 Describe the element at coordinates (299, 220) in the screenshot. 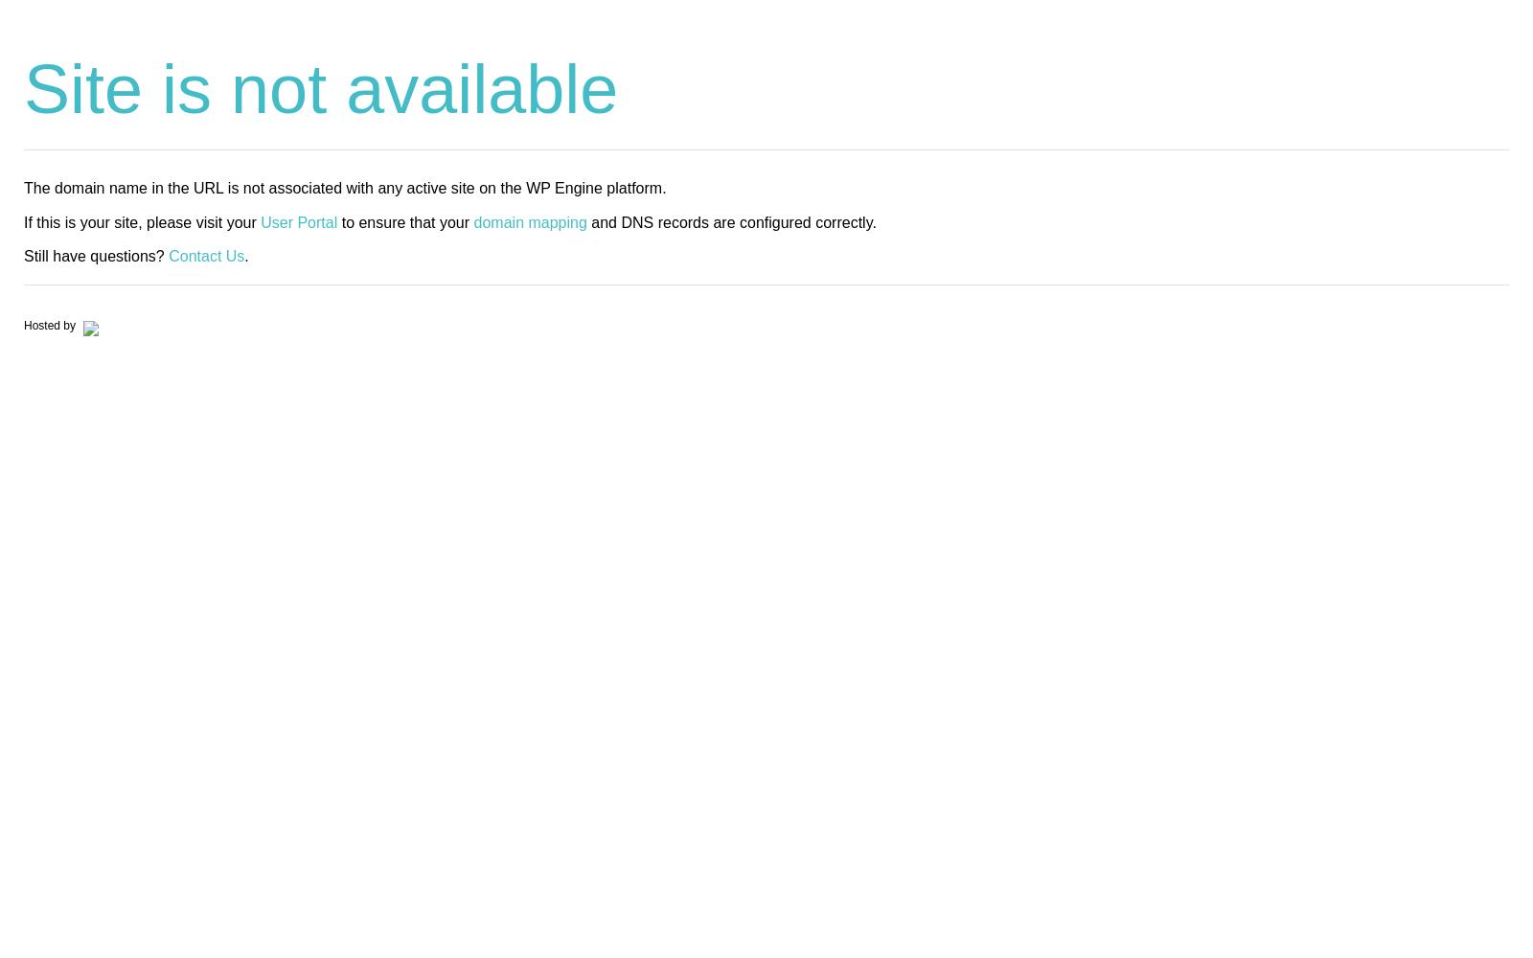

I see `'User Portal'` at that location.